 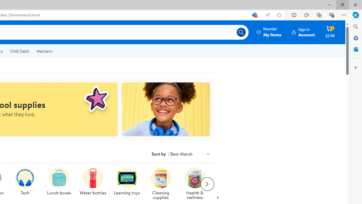 What do you see at coordinates (93, 182) in the screenshot?
I see `'A red water bottle is on display. Water bottles'` at bounding box center [93, 182].